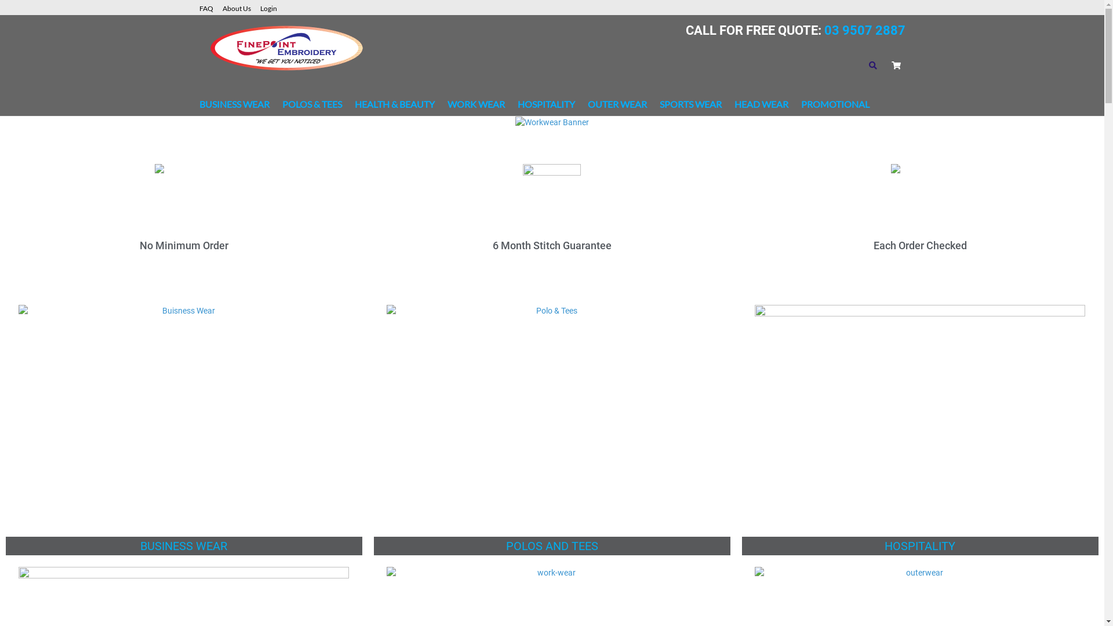 This screenshot has height=626, width=1113. I want to click on 'BUSINESS WEAR', so click(234, 104).